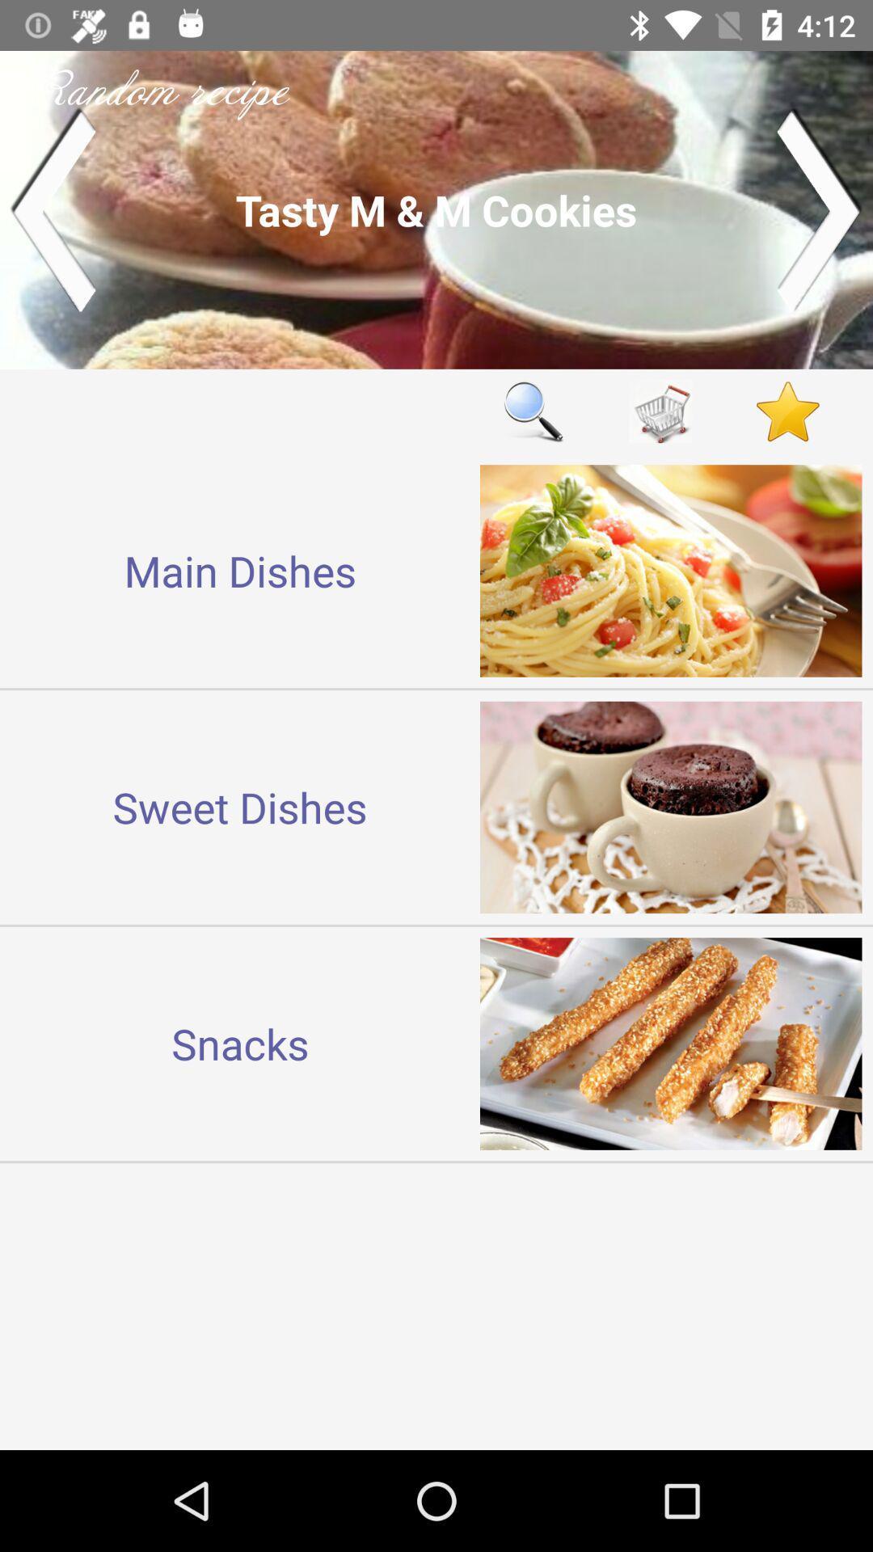 This screenshot has height=1552, width=873. I want to click on item above the snacks icon, so click(240, 807).